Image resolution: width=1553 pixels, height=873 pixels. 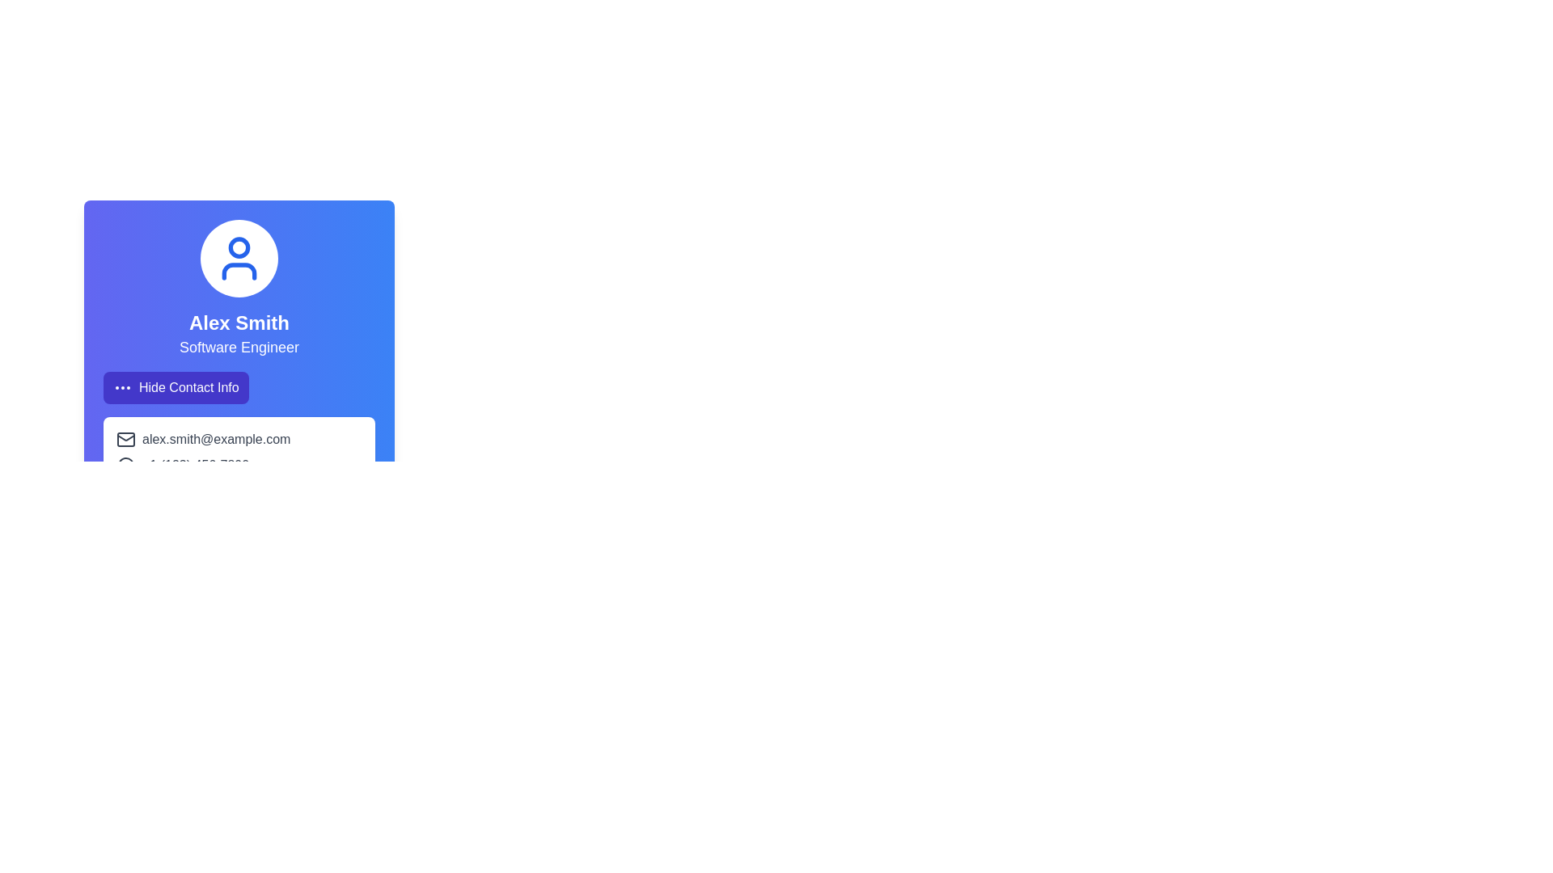 I want to click on the rectangular body of the envelope icon that is styled in a minimalist design and is located adjacent to the 'alex.smith@example.com' text, so click(x=125, y=439).